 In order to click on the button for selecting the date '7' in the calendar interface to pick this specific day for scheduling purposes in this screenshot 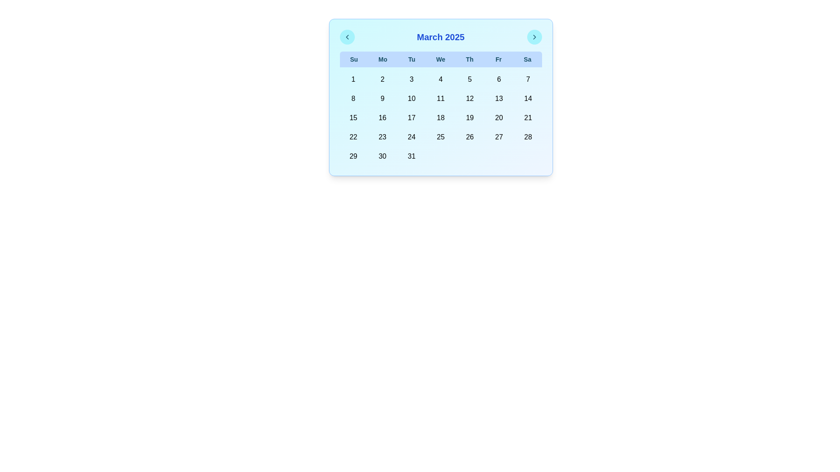, I will do `click(528, 79)`.